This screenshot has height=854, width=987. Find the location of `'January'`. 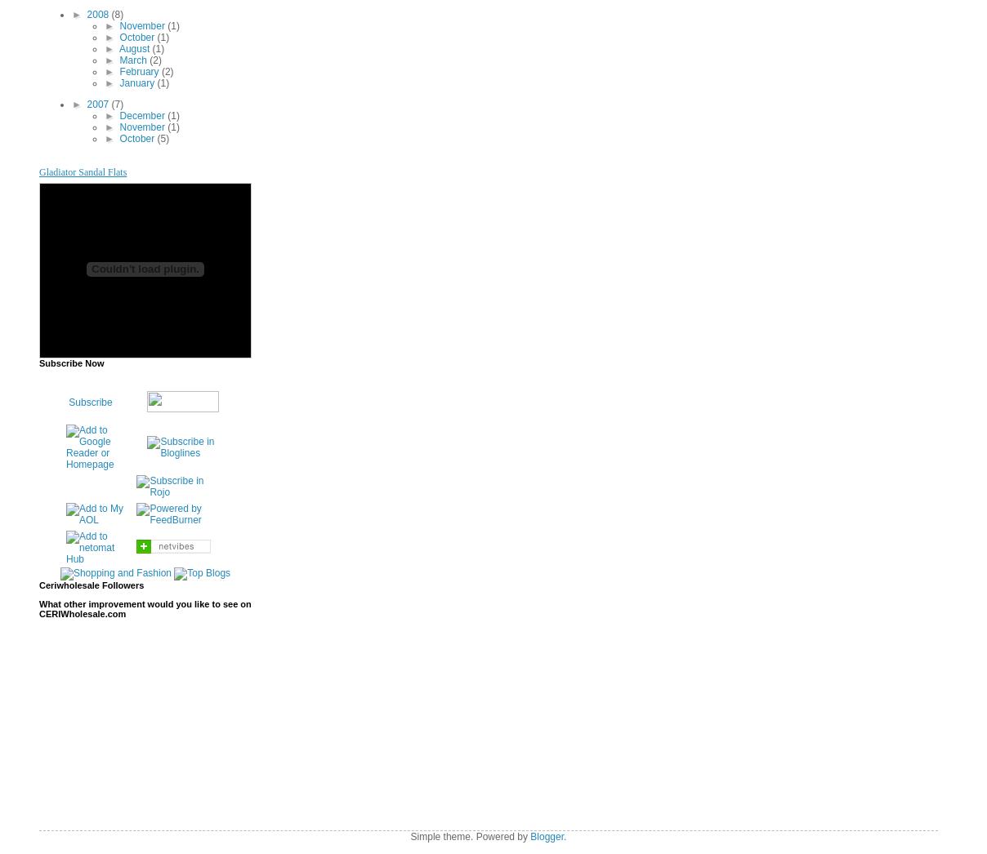

'January' is located at coordinates (137, 82).